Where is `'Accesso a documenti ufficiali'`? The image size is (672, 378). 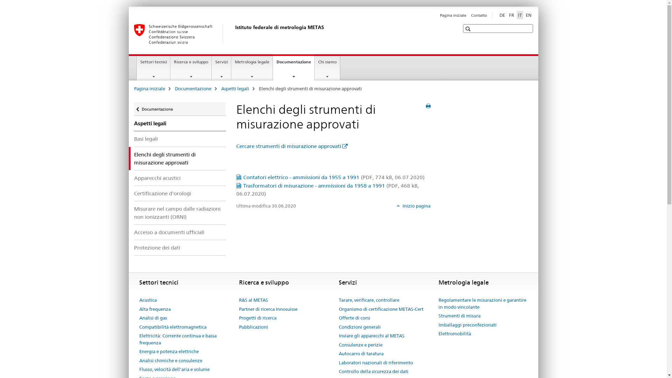
'Accesso a documenti ufficiali' is located at coordinates (180, 232).